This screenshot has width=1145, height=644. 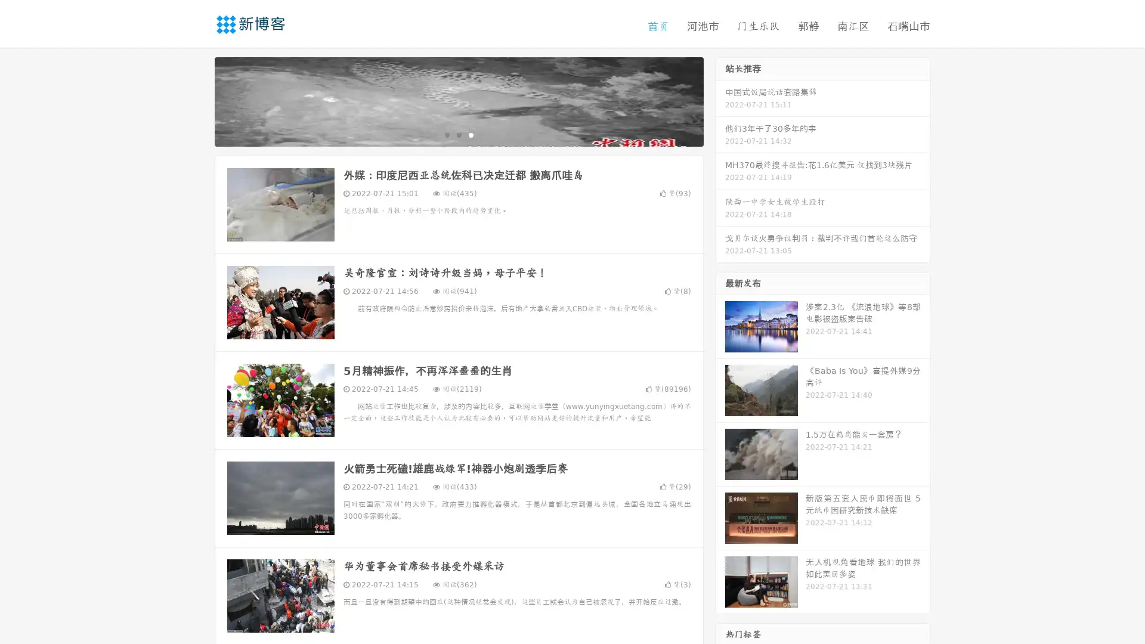 What do you see at coordinates (197, 100) in the screenshot?
I see `Previous slide` at bounding box center [197, 100].